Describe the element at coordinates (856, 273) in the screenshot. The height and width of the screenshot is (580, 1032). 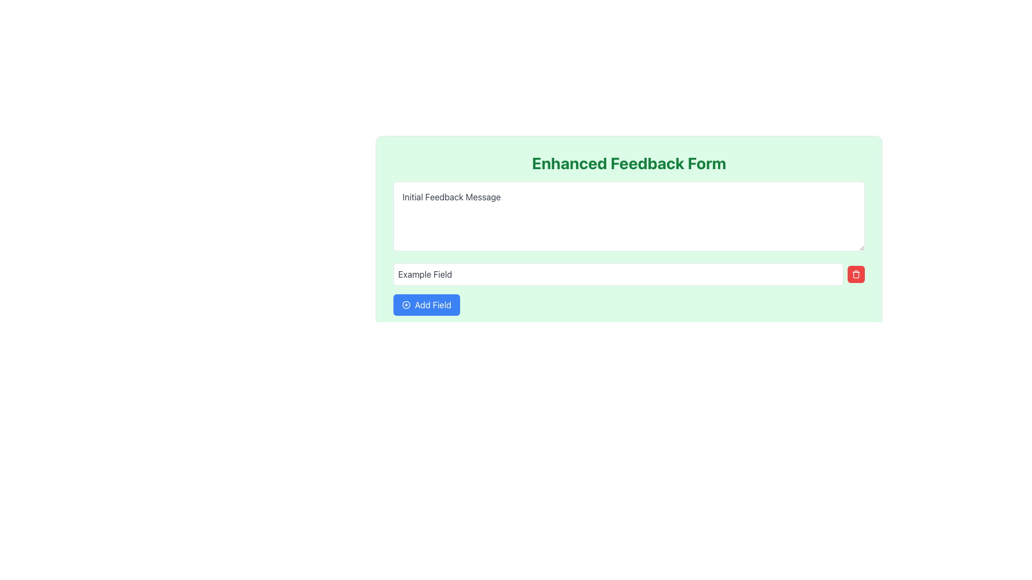
I see `the small red trash icon inside the red button next to the input field labeled 'Example Field' for keyboard accessibility` at that location.